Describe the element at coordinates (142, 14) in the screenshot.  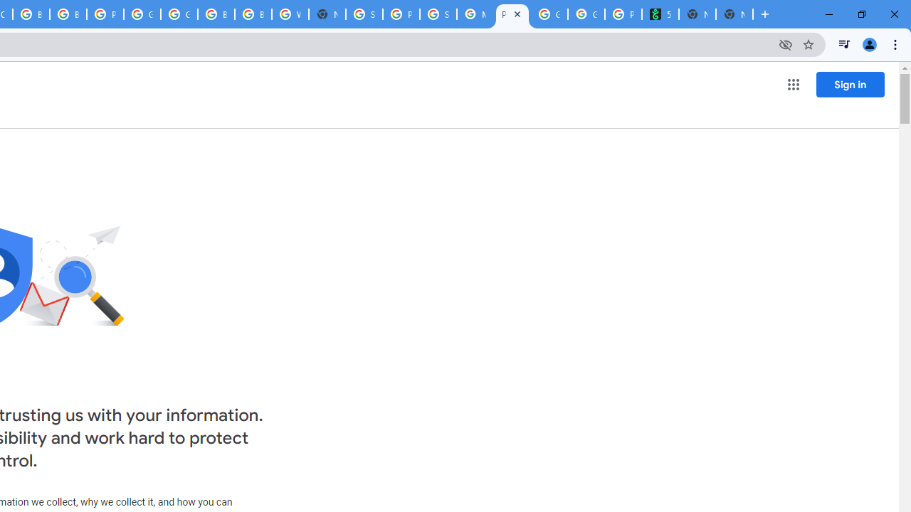
I see `'Google Cloud Platform'` at that location.